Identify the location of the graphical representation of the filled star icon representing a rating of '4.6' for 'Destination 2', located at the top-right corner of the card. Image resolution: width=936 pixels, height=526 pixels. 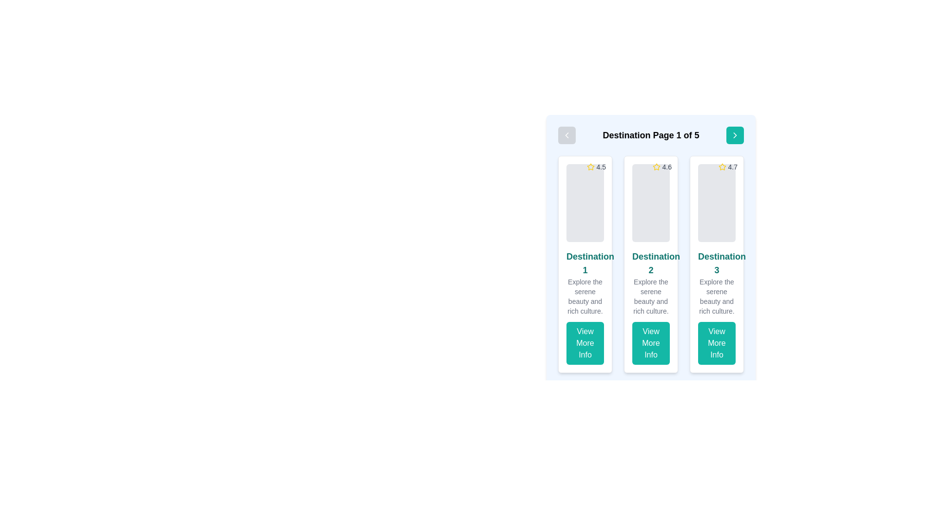
(656, 167).